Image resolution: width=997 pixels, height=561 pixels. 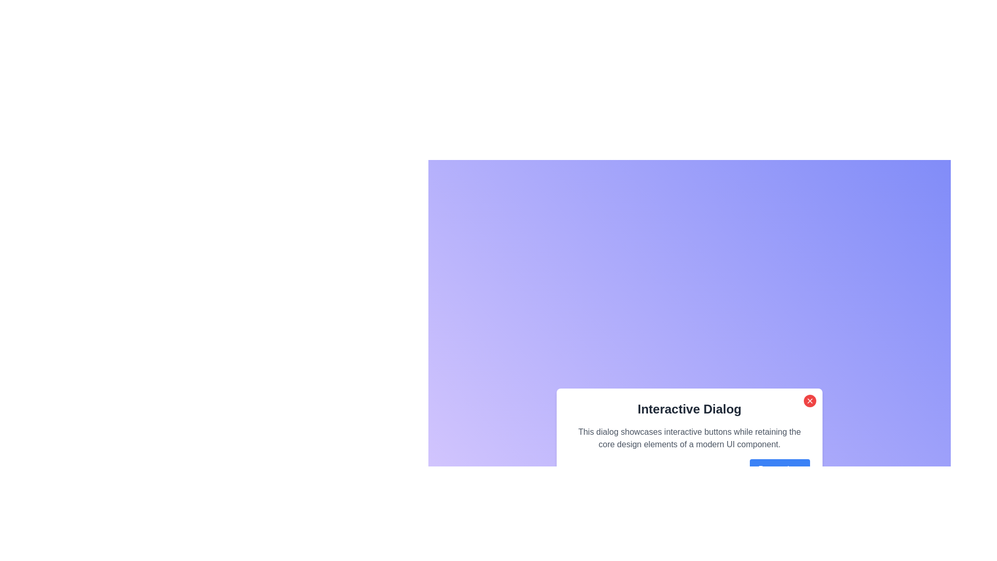 I want to click on the 'Proceed' button located at the bottom-right corner of the dialog box to initiate the continuation action, so click(x=780, y=469).